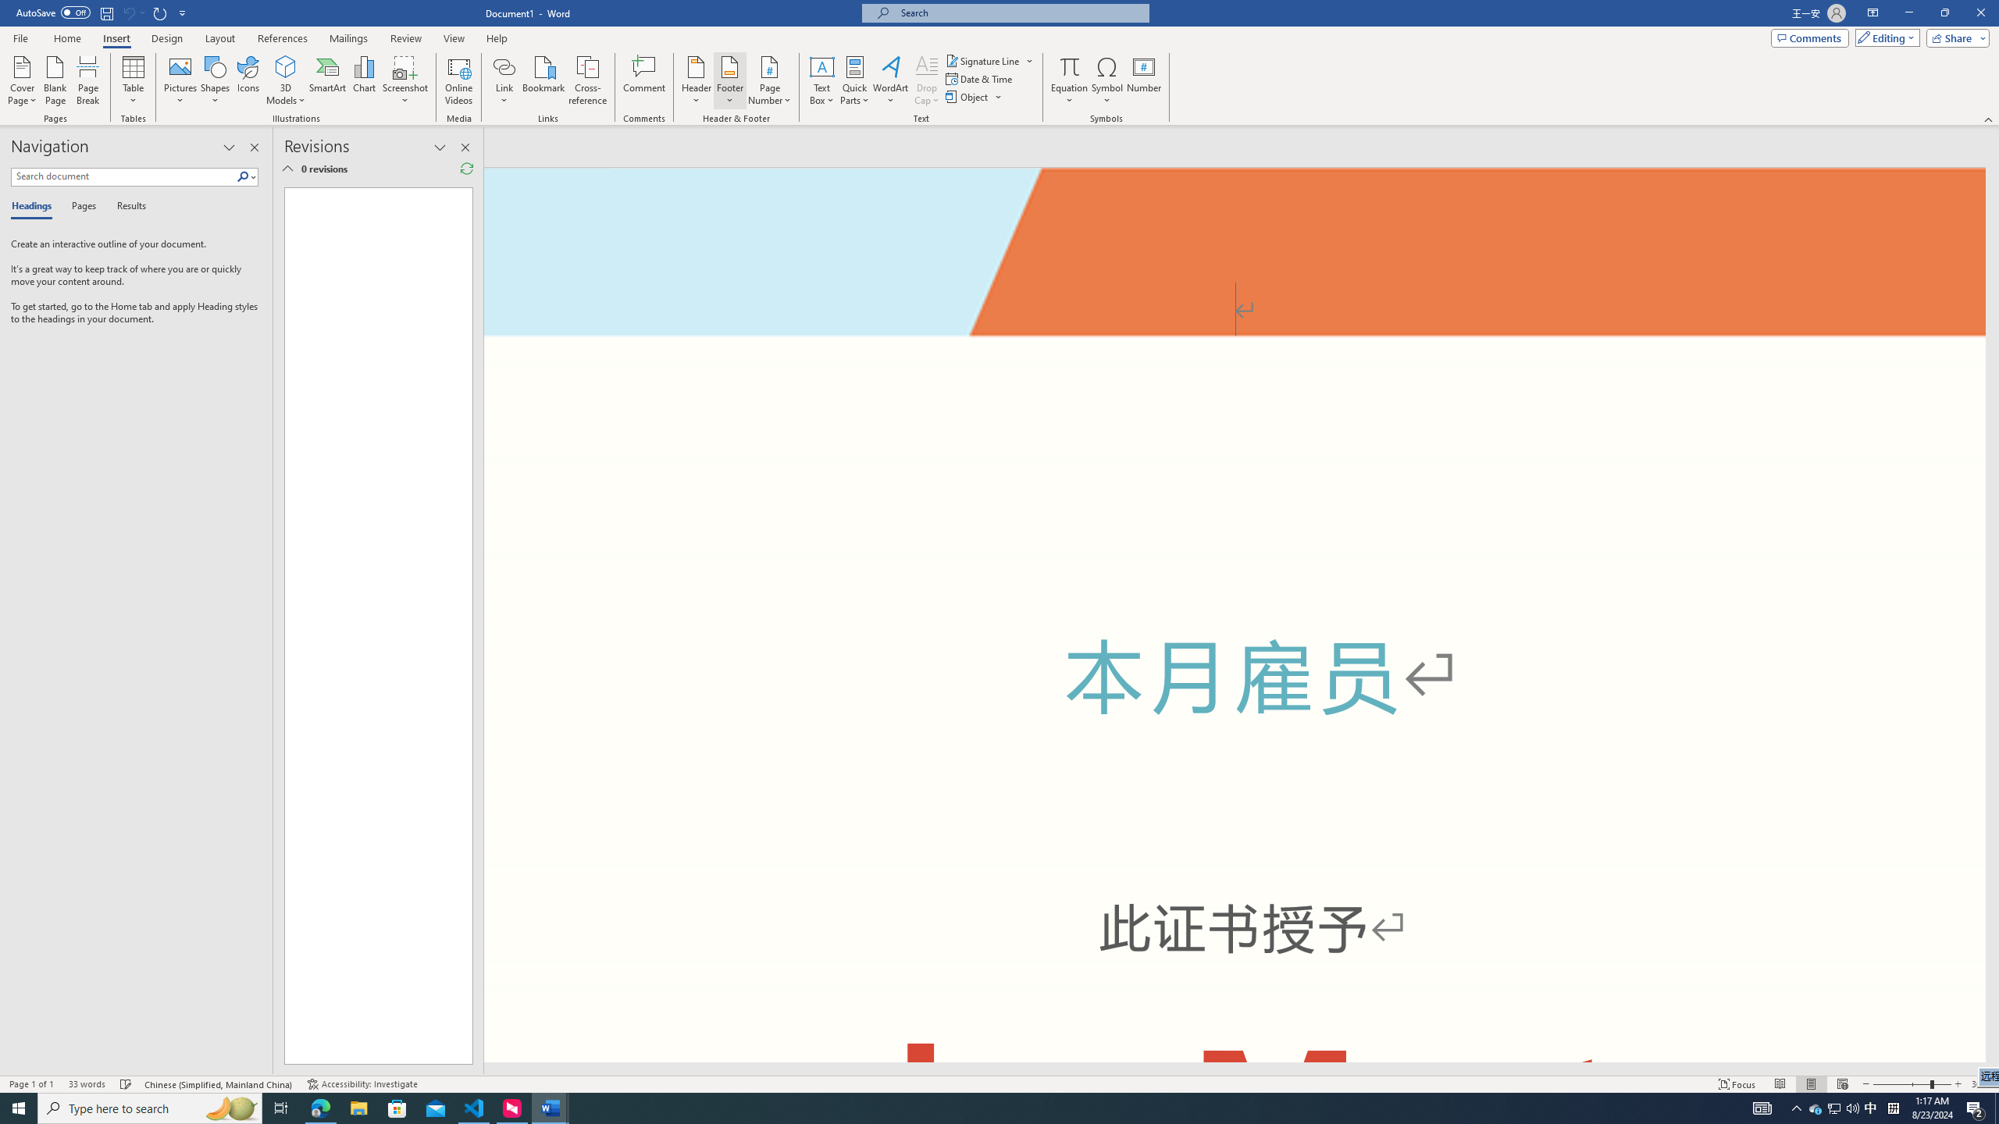  I want to click on 'Cover Page', so click(22, 80).